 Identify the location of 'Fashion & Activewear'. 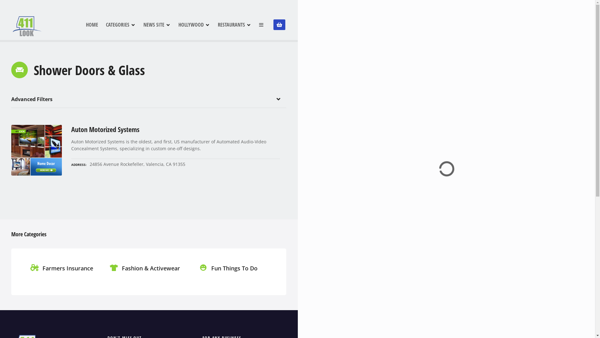
(146, 275).